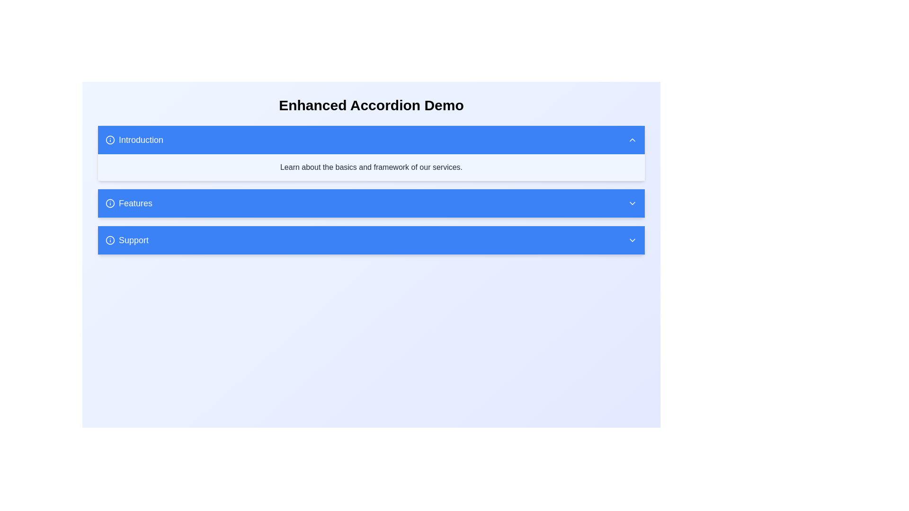 This screenshot has height=511, width=909. What do you see at coordinates (126, 240) in the screenshot?
I see `the 'Support' label within the accordion menu, which is the leftmost component of the third section titled 'Support' and is visually unified with a circular icon containing an 'i'` at bounding box center [126, 240].